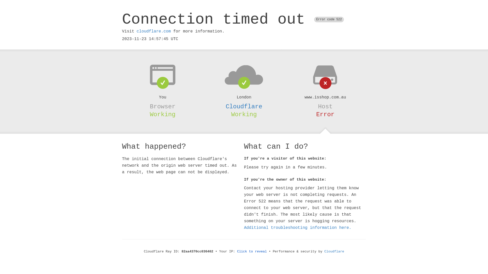  What do you see at coordinates (298, 228) in the screenshot?
I see `'Additional troubleshooting information here.'` at bounding box center [298, 228].